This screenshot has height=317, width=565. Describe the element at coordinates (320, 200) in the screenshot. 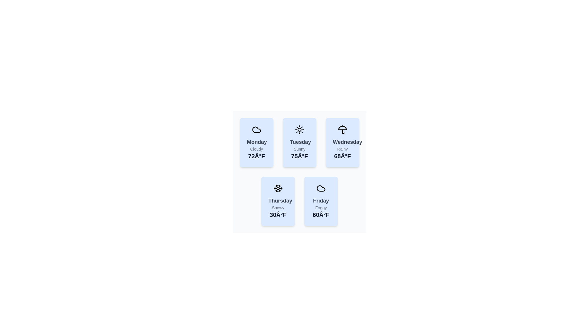

I see `the text label displaying 'Friday' in bold gray font on a blue background, located at the upper part of the bottom-right weather card` at that location.